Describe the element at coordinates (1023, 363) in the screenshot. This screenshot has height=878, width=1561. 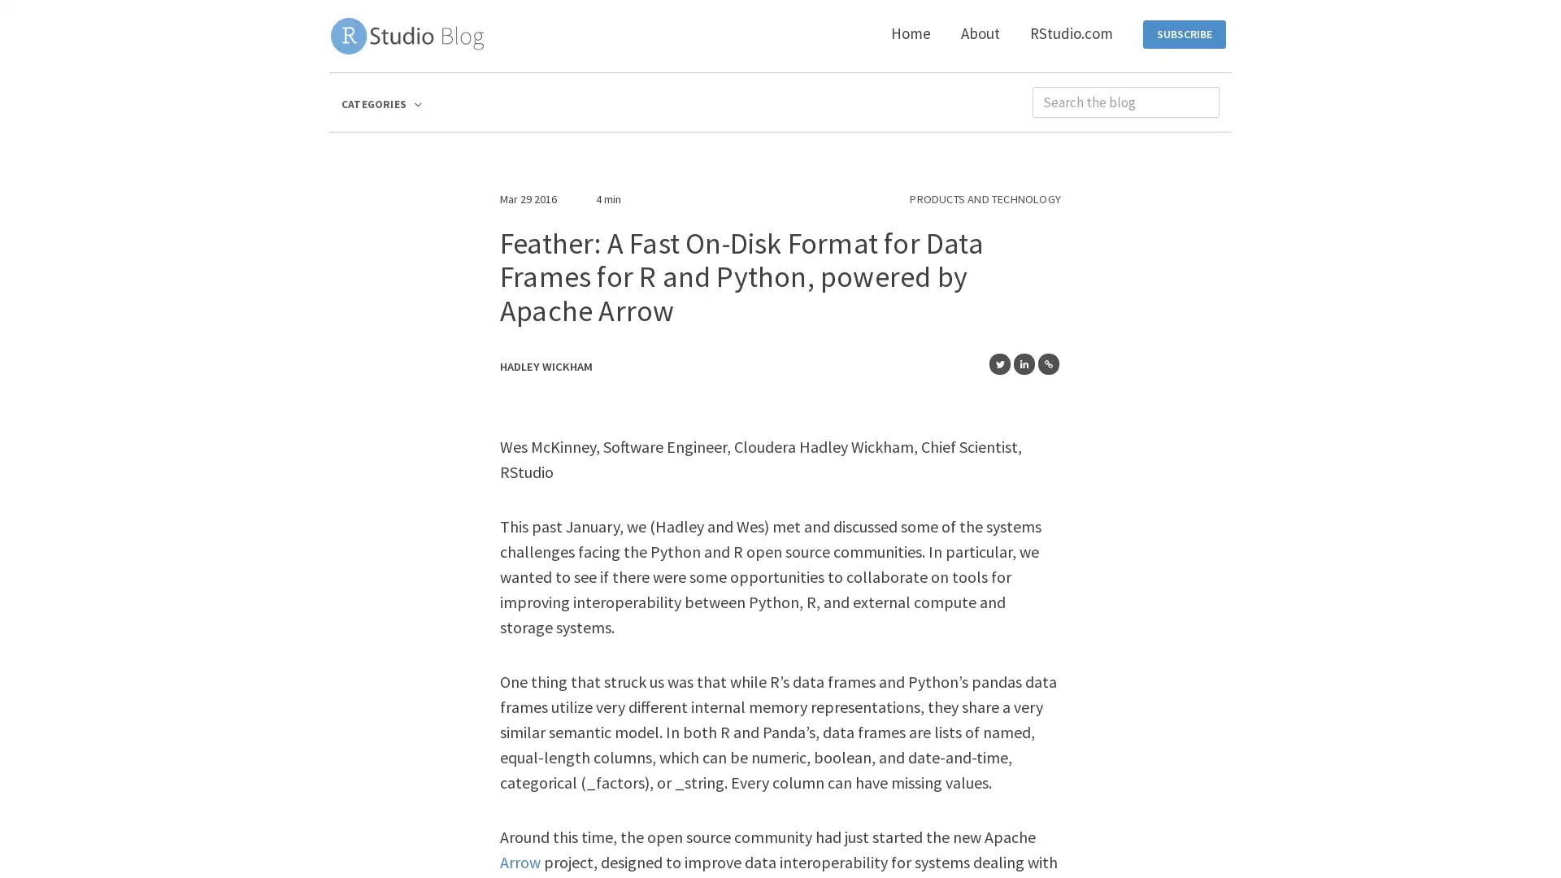
I see `Share to LinkedIn` at that location.